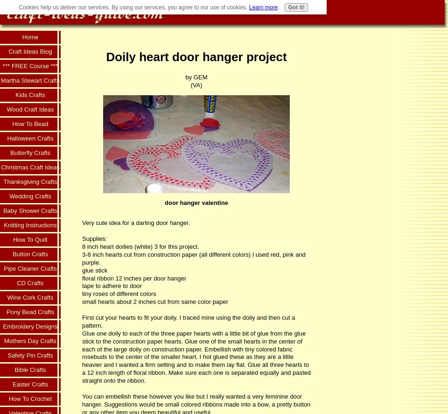  Describe the element at coordinates (30, 370) in the screenshot. I see `'Bible Crafts'` at that location.